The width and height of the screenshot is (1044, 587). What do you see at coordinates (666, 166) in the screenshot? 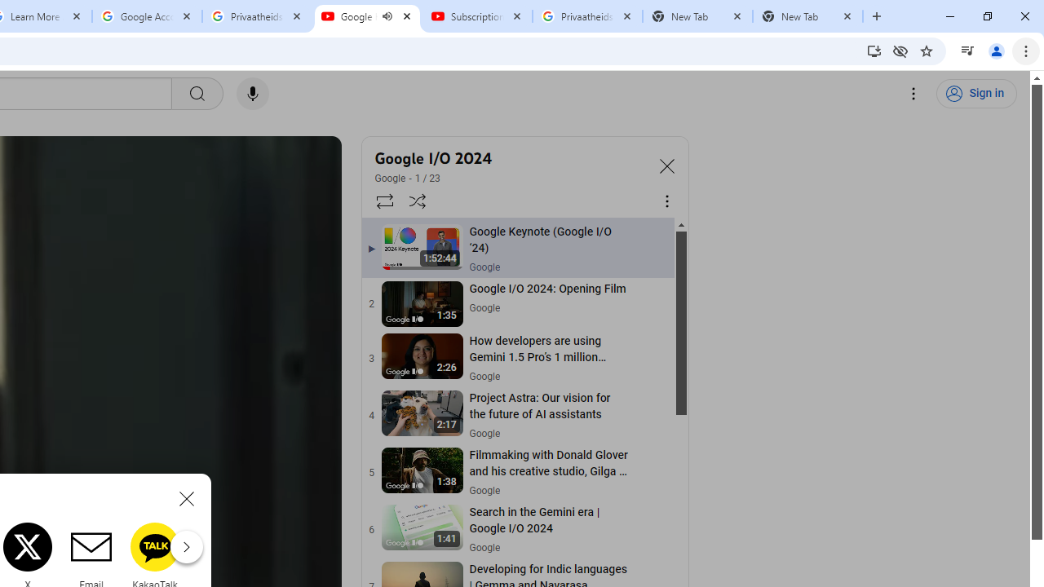
I see `'Collapse'` at bounding box center [666, 166].